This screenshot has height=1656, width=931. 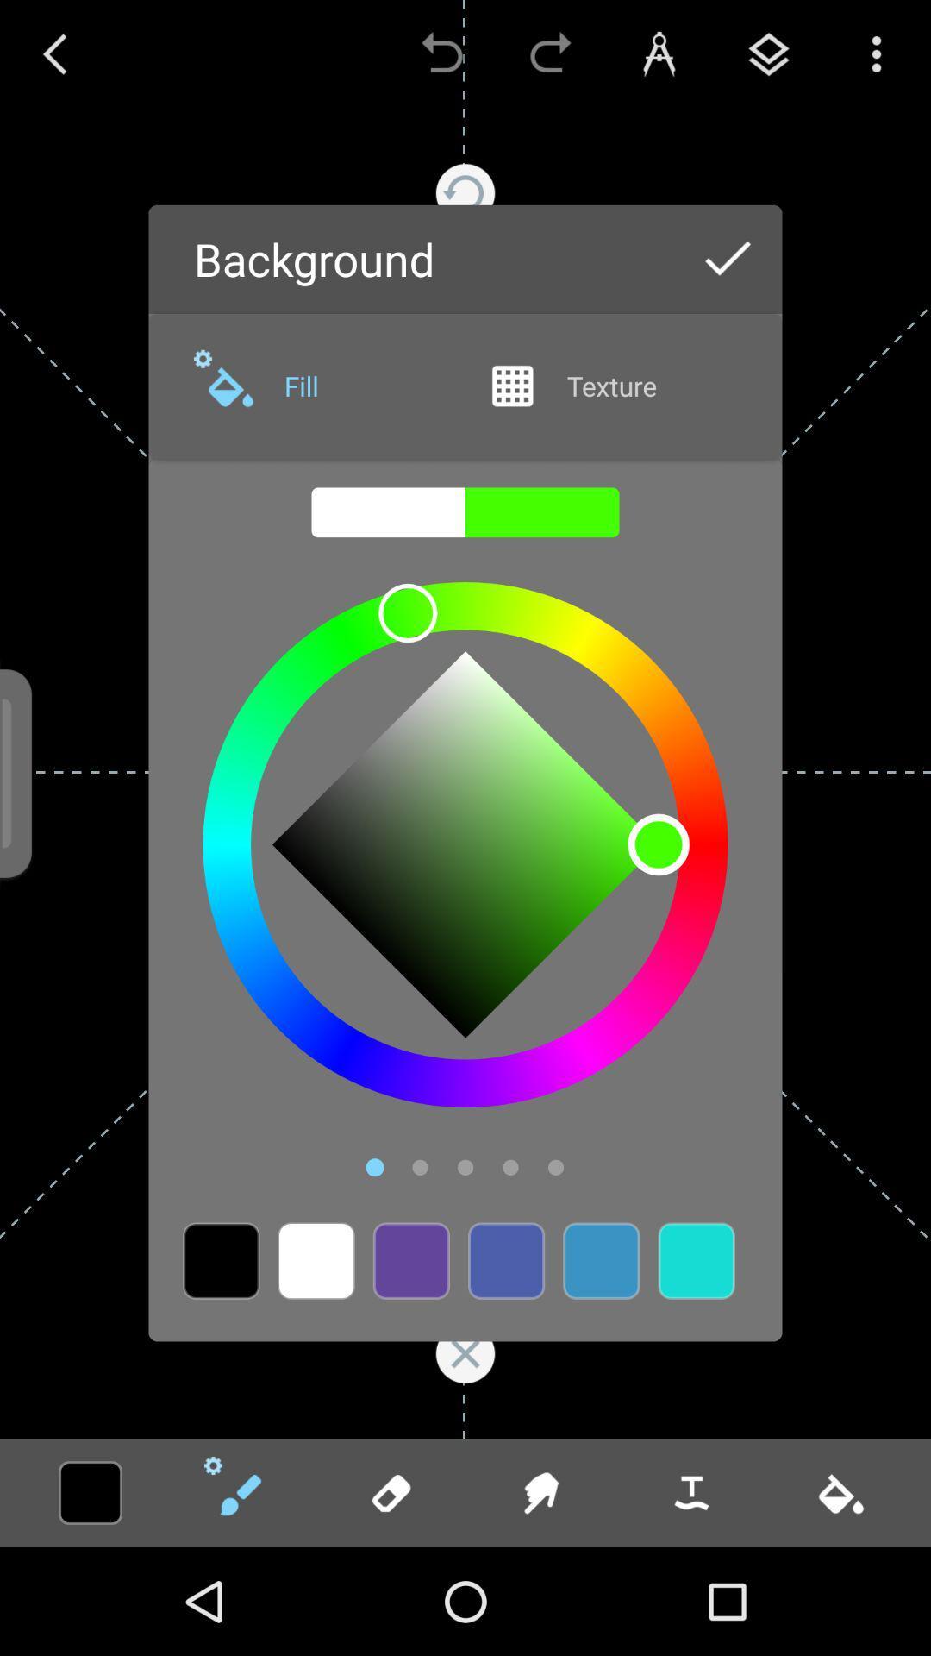 I want to click on the edit icon, so click(x=240, y=1492).